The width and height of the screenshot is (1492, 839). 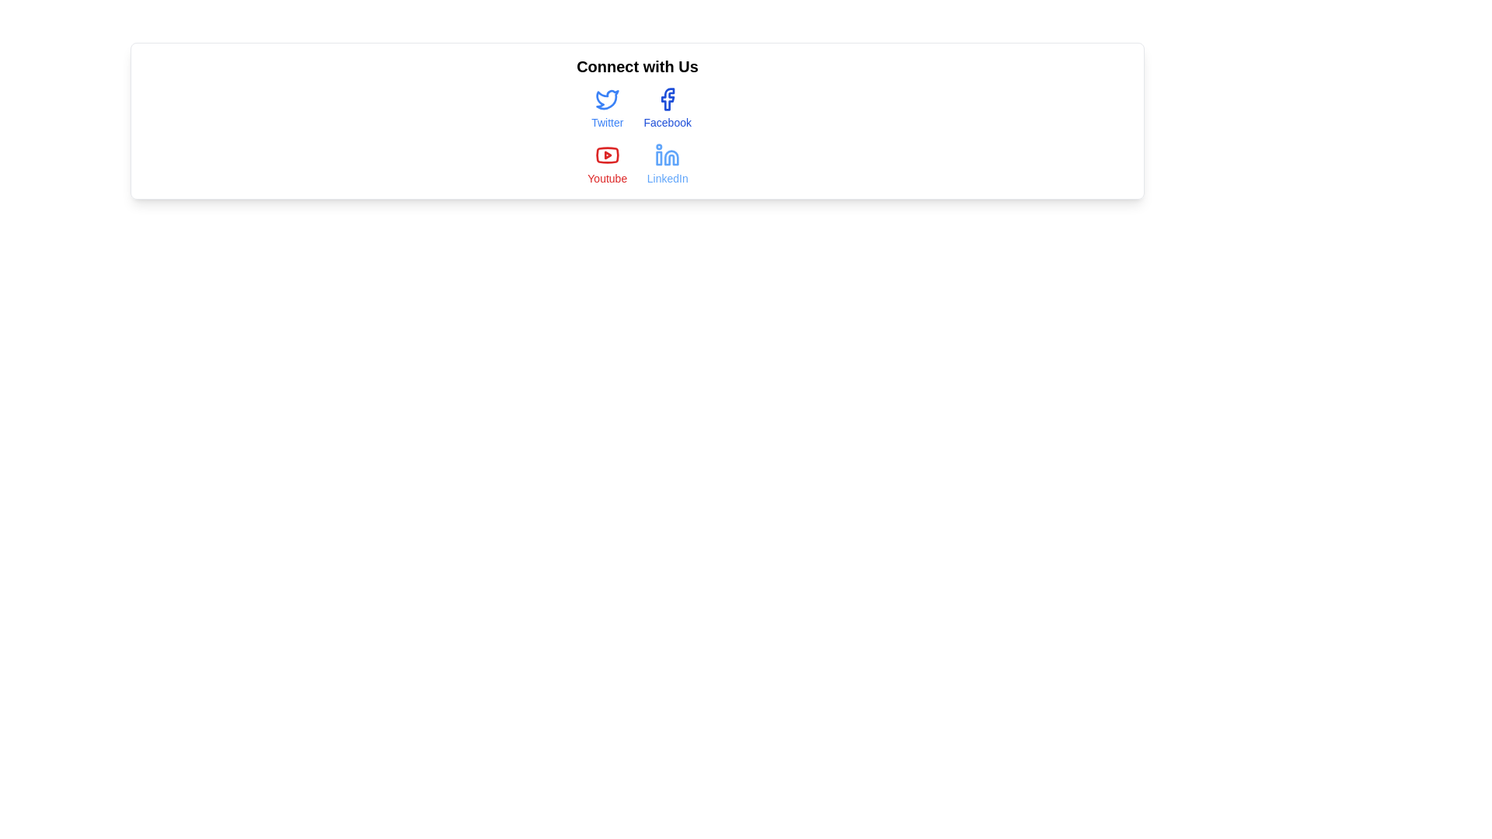 What do you see at coordinates (668, 99) in the screenshot?
I see `the Facebook icon located` at bounding box center [668, 99].